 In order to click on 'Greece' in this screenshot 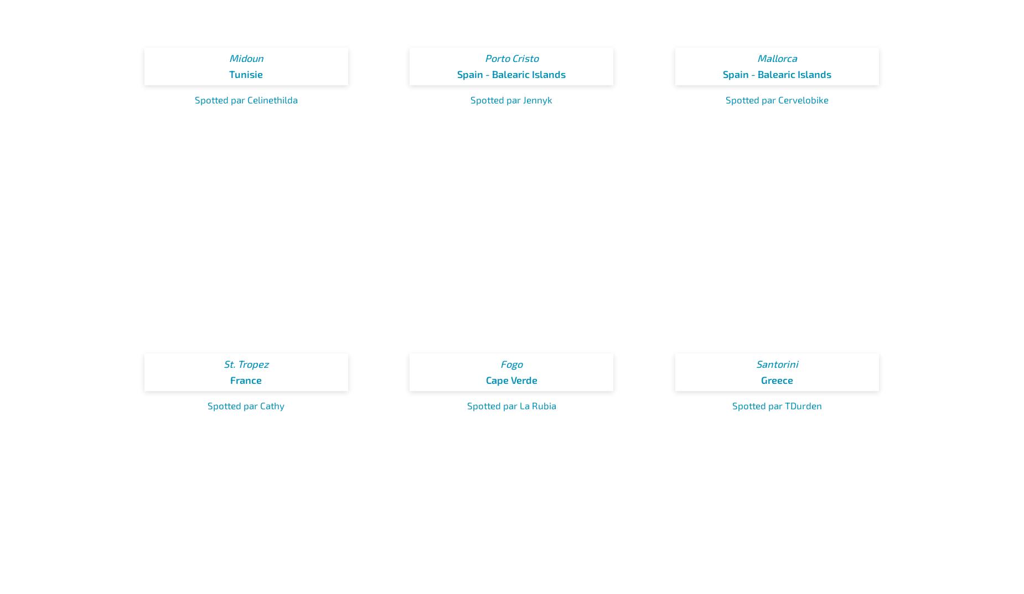, I will do `click(777, 379)`.